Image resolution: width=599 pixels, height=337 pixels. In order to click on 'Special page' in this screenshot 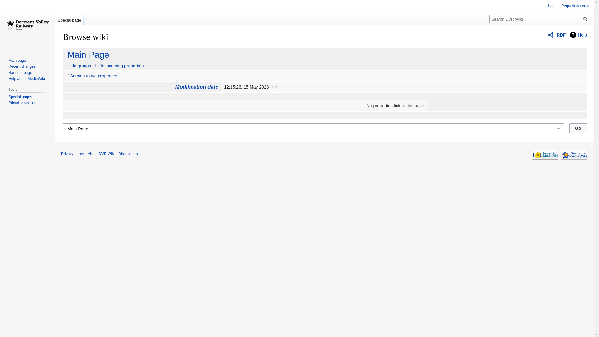, I will do `click(69, 18)`.